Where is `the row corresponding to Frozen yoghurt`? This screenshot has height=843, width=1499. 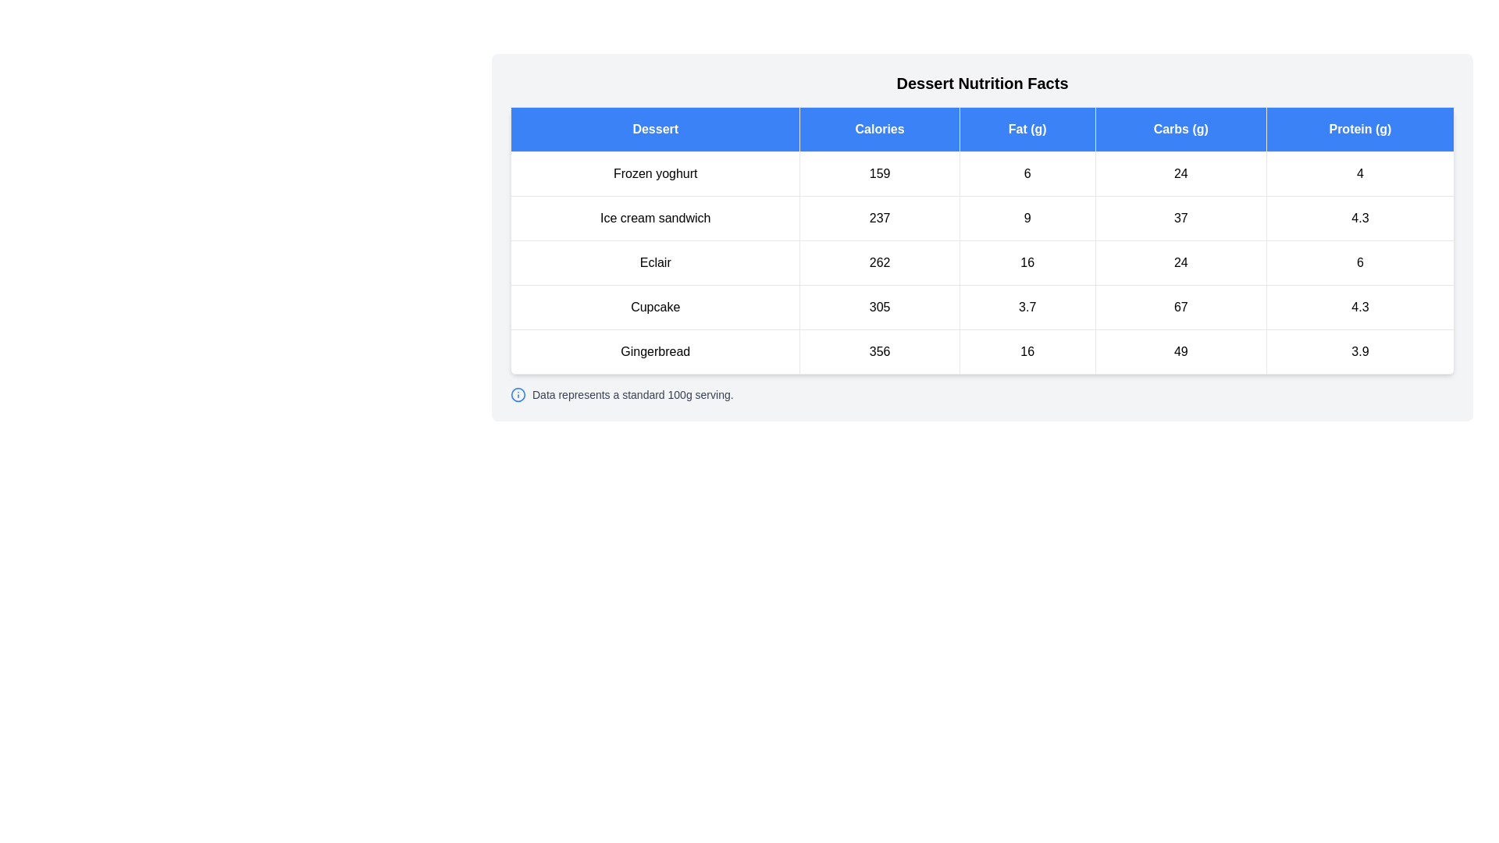
the row corresponding to Frozen yoghurt is located at coordinates (981, 174).